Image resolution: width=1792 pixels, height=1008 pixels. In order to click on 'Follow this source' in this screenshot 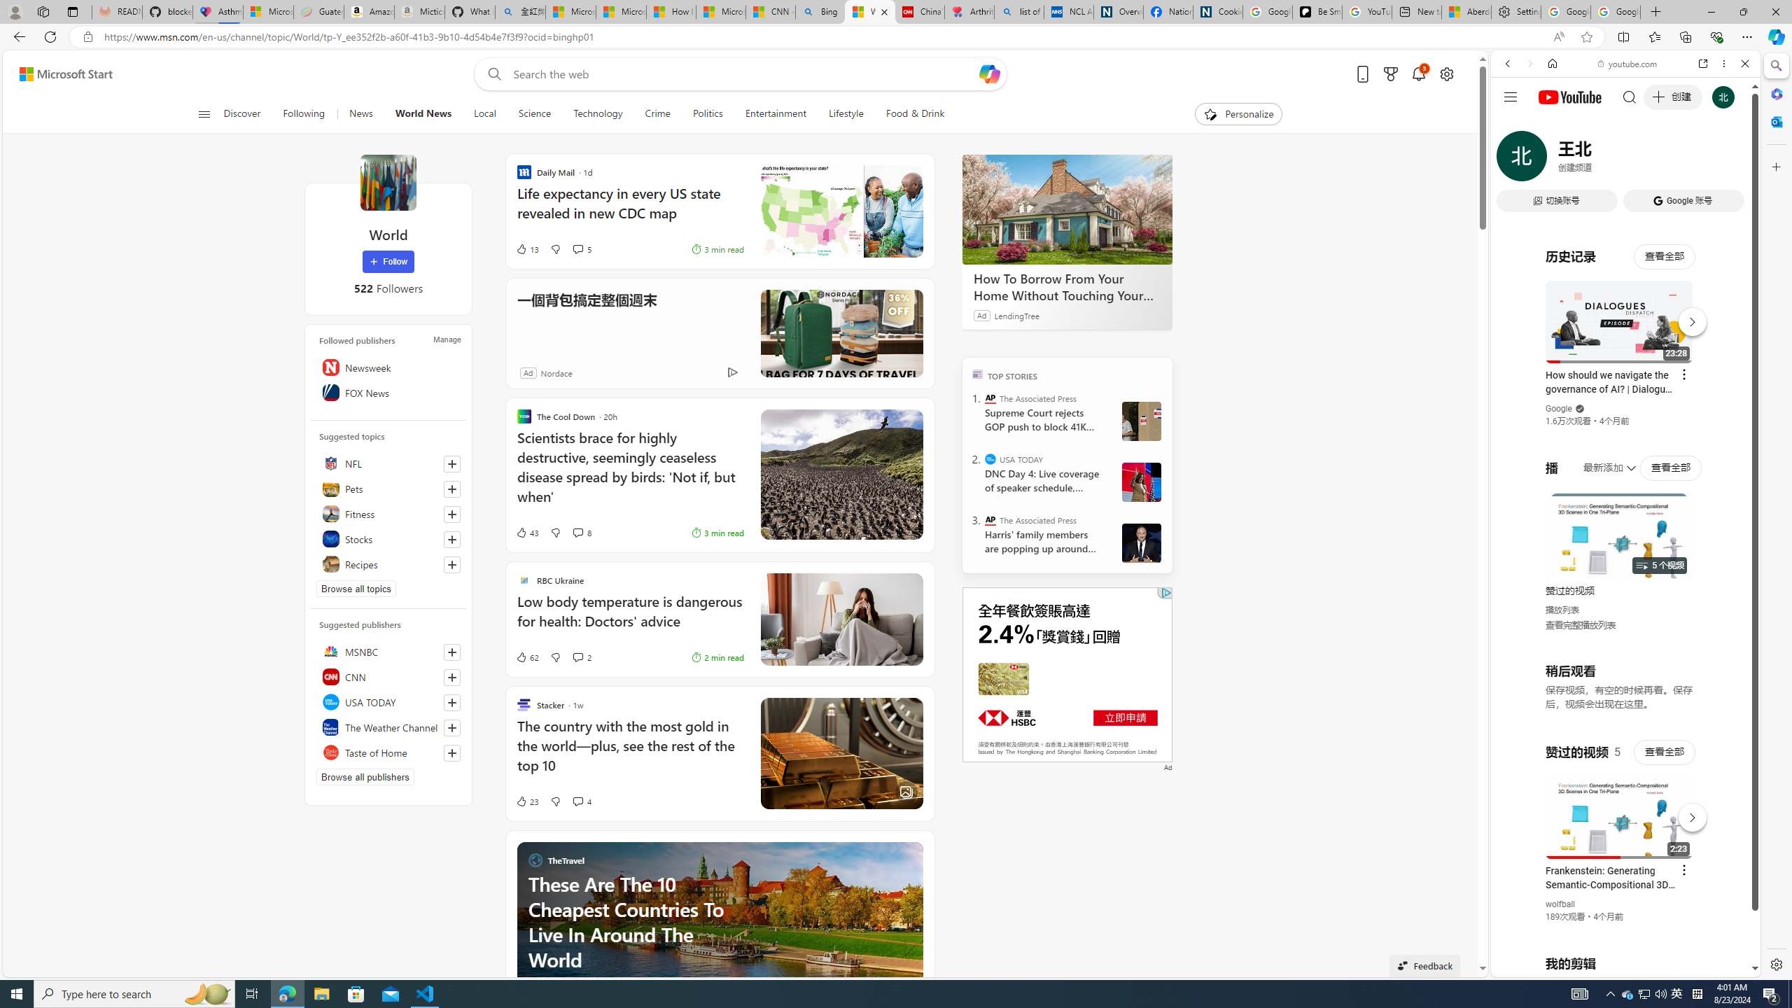, I will do `click(451, 752)`.